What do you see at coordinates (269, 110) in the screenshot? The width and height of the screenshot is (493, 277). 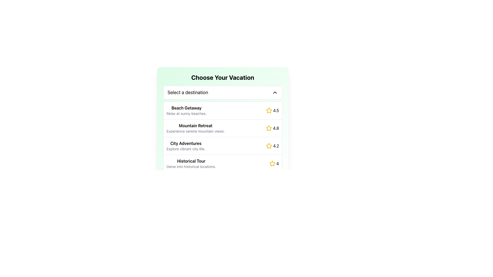 I see `the star icon, which is a golden yellow outline, located to the left of the text '4.5' in the 'Beach Getaway' section of the interface` at bounding box center [269, 110].